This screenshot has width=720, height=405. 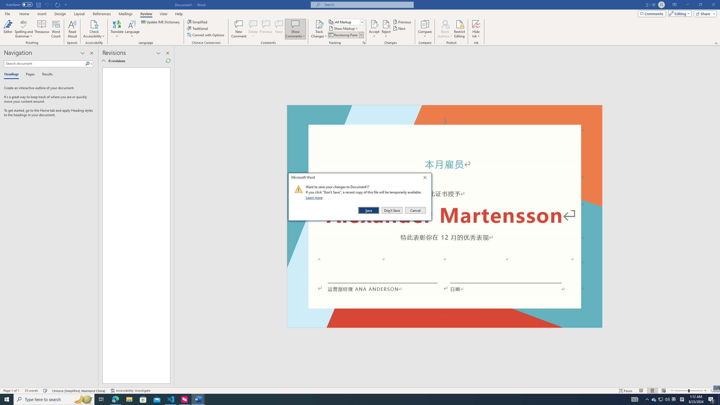 What do you see at coordinates (66, 4) in the screenshot?
I see `'Customize Quick Access Toolbar'` at bounding box center [66, 4].